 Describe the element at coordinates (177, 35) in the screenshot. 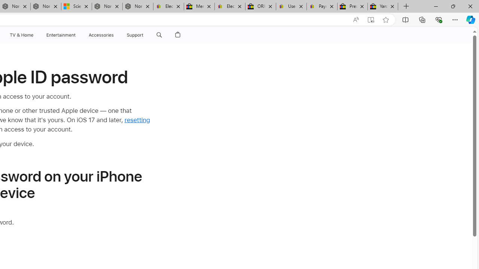

I see `'Shopping Bag'` at that location.